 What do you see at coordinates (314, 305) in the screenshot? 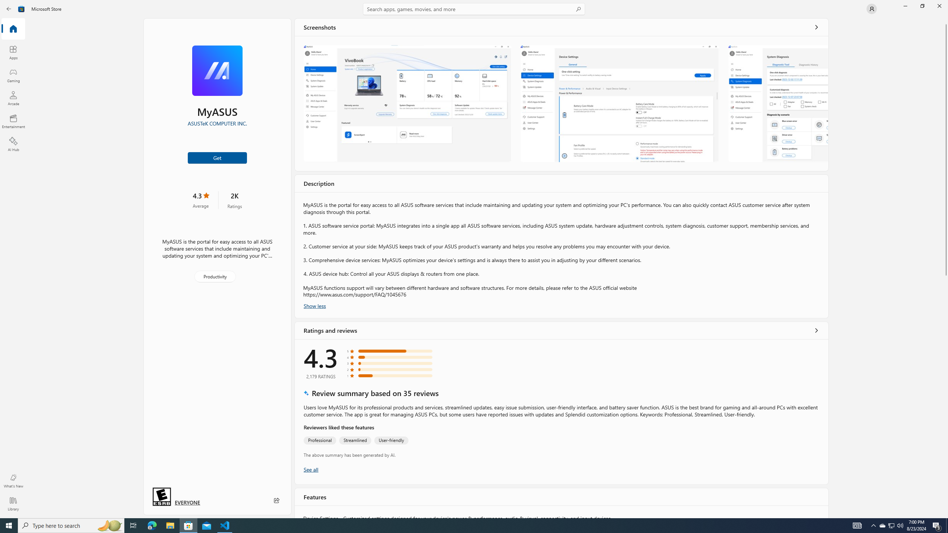
I see `'Show less'` at bounding box center [314, 305].